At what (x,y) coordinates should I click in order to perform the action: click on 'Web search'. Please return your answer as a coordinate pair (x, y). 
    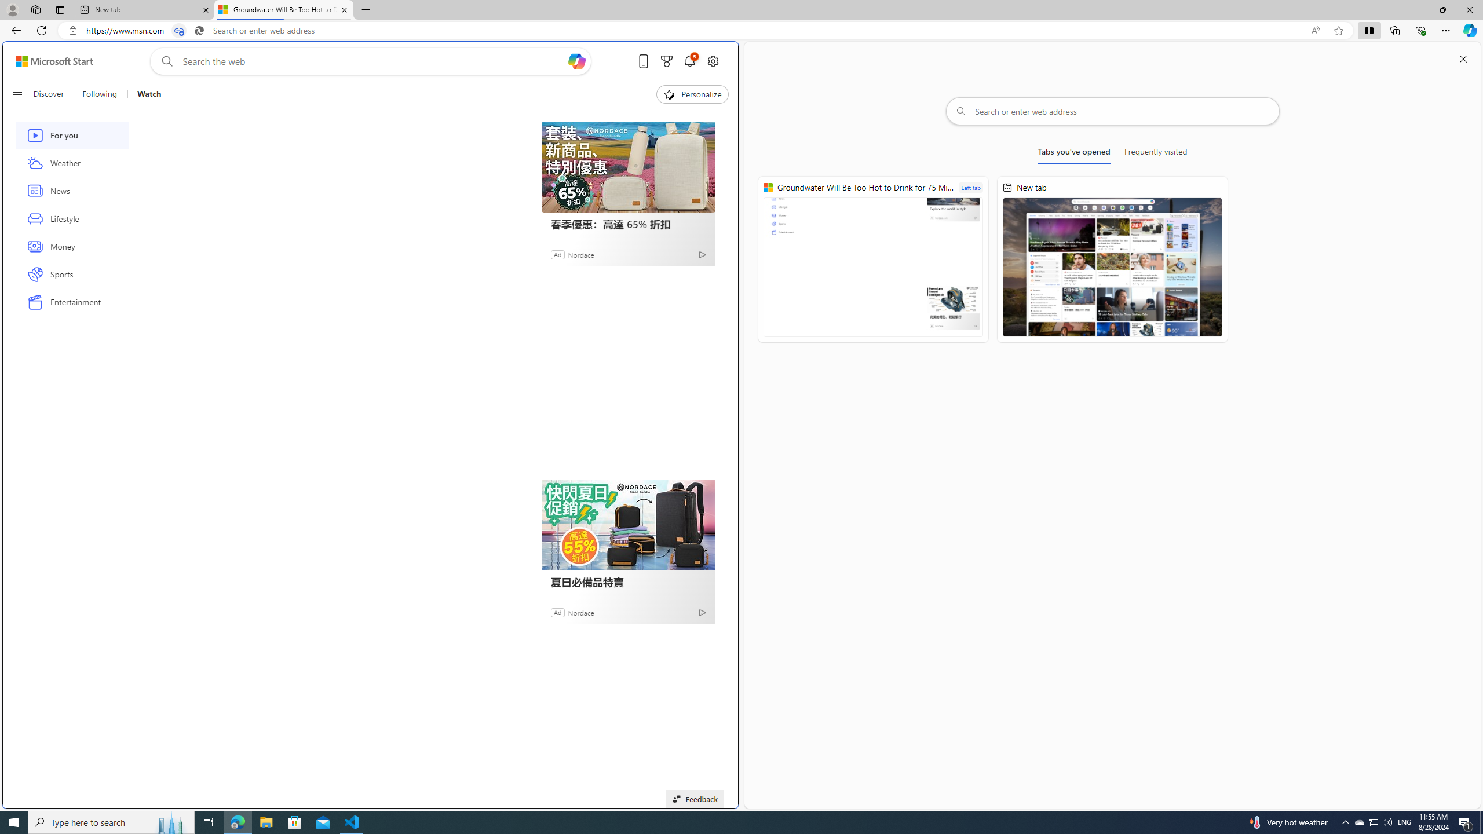
    Looking at the image, I should click on (165, 61).